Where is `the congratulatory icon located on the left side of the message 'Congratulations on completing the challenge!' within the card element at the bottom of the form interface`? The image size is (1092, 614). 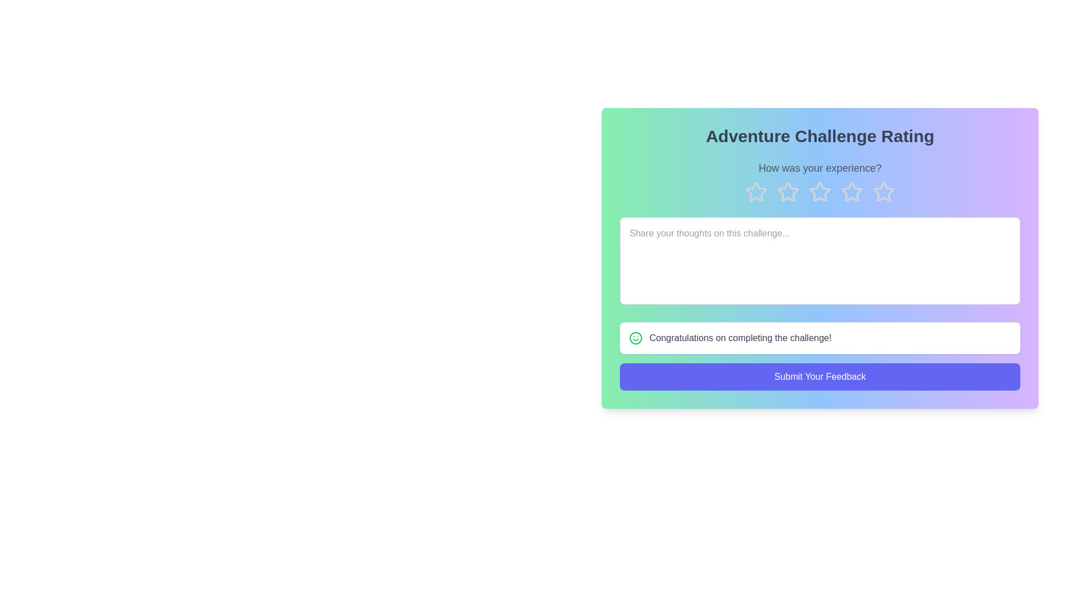
the congratulatory icon located on the left side of the message 'Congratulations on completing the challenge!' within the card element at the bottom of the form interface is located at coordinates (635, 337).